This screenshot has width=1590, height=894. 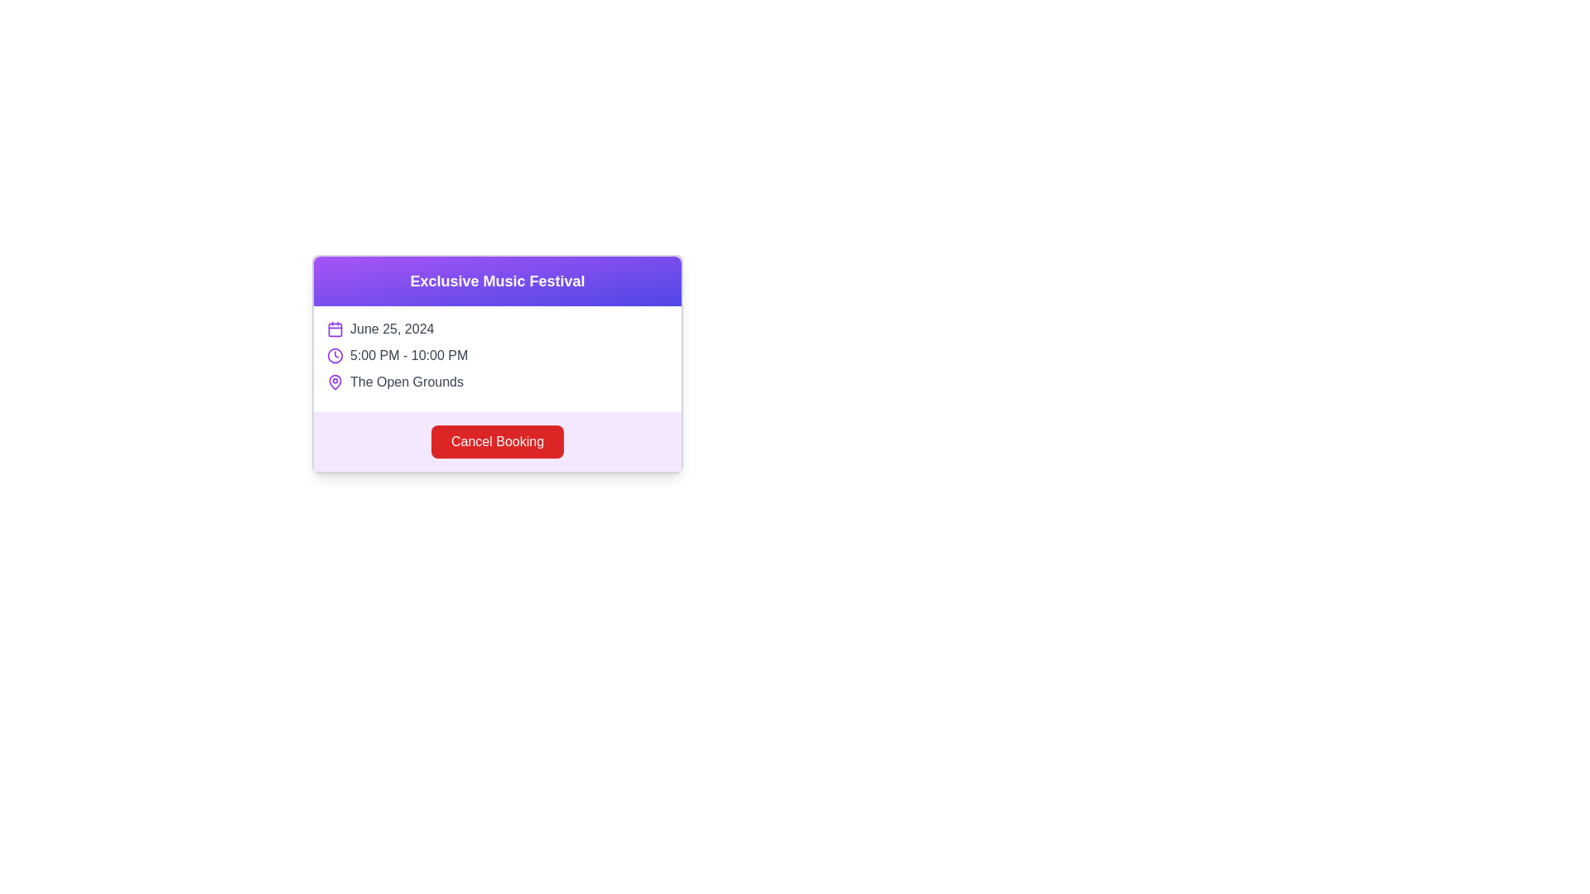 What do you see at coordinates (407, 382) in the screenshot?
I see `the text label displaying 'The Open Grounds' located at the bottom-center of the card, next to the purple location pin icon` at bounding box center [407, 382].